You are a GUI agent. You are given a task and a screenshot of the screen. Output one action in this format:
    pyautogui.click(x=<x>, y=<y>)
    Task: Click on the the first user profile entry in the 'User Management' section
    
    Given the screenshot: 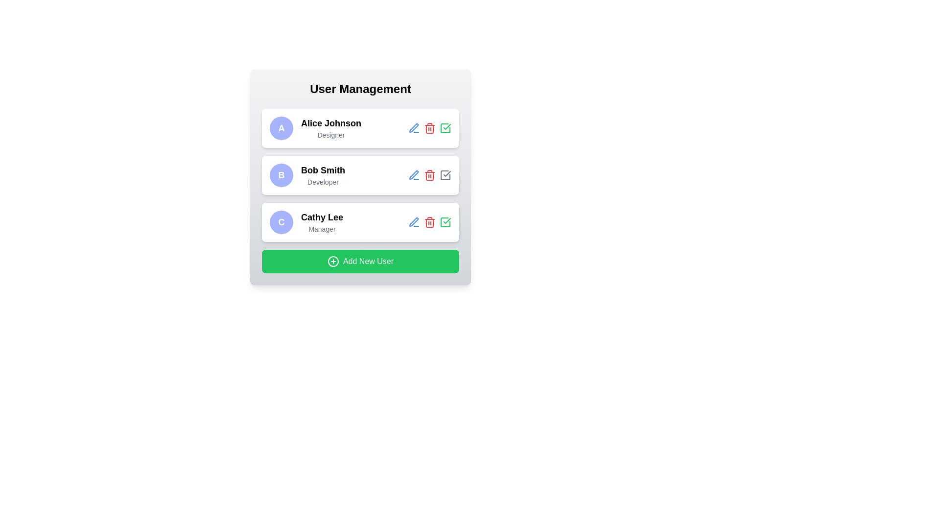 What is the action you would take?
    pyautogui.click(x=315, y=128)
    